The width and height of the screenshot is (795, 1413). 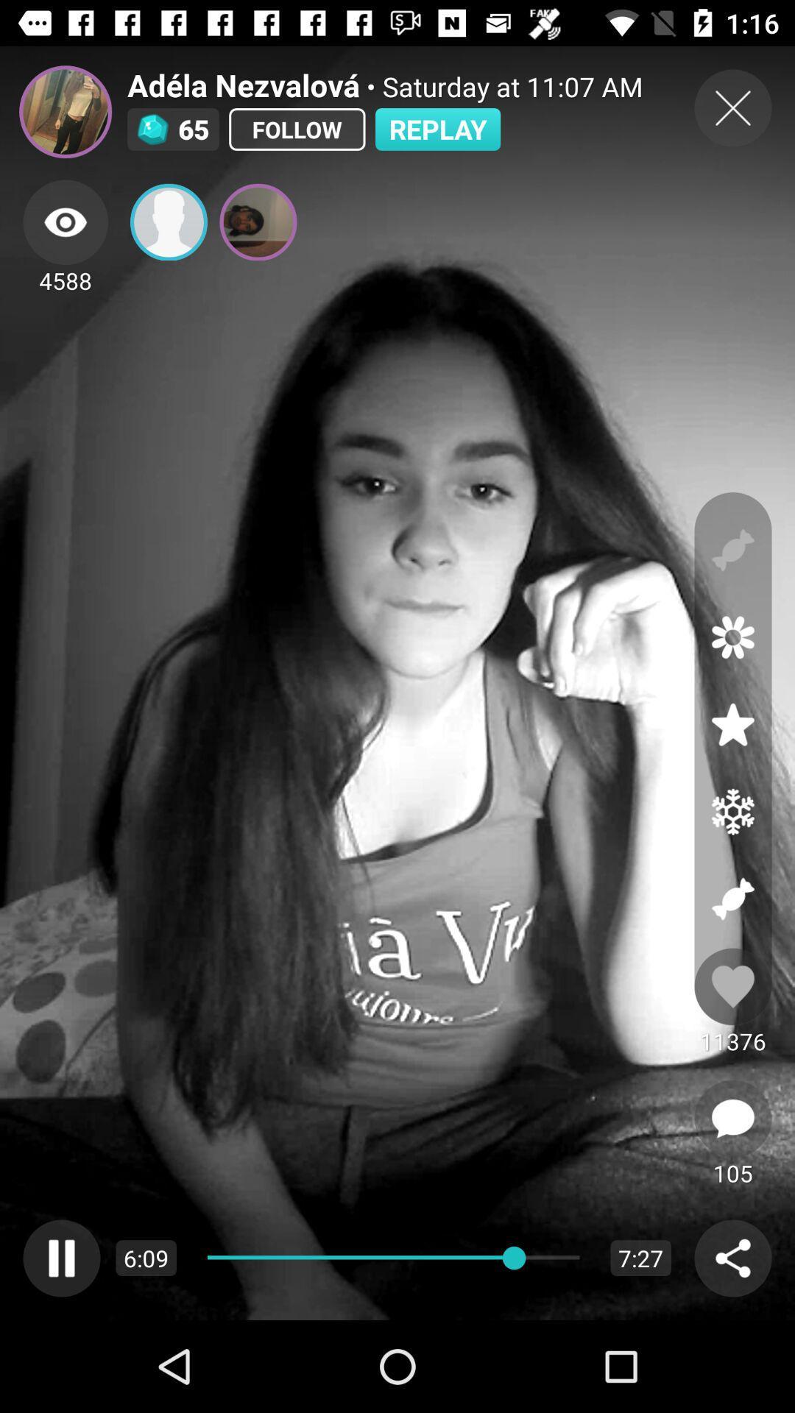 I want to click on exit out, so click(x=732, y=107).